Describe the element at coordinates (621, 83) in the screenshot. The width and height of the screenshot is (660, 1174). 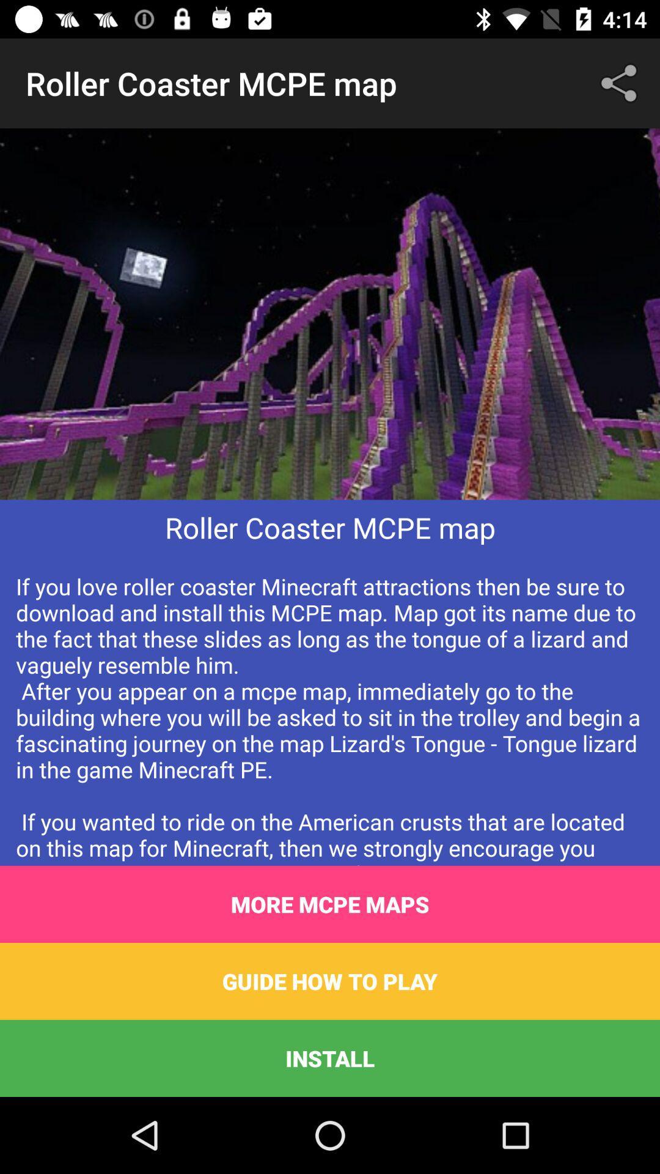
I see `the icon next to the roller coaster mcpe item` at that location.